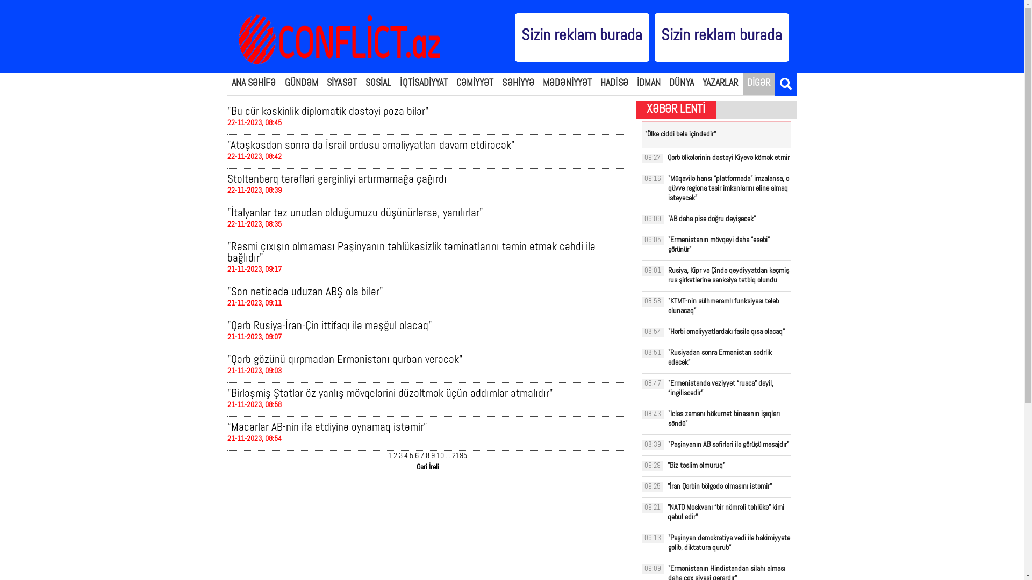 Image resolution: width=1032 pixels, height=580 pixels. What do you see at coordinates (400, 456) in the screenshot?
I see `'3'` at bounding box center [400, 456].